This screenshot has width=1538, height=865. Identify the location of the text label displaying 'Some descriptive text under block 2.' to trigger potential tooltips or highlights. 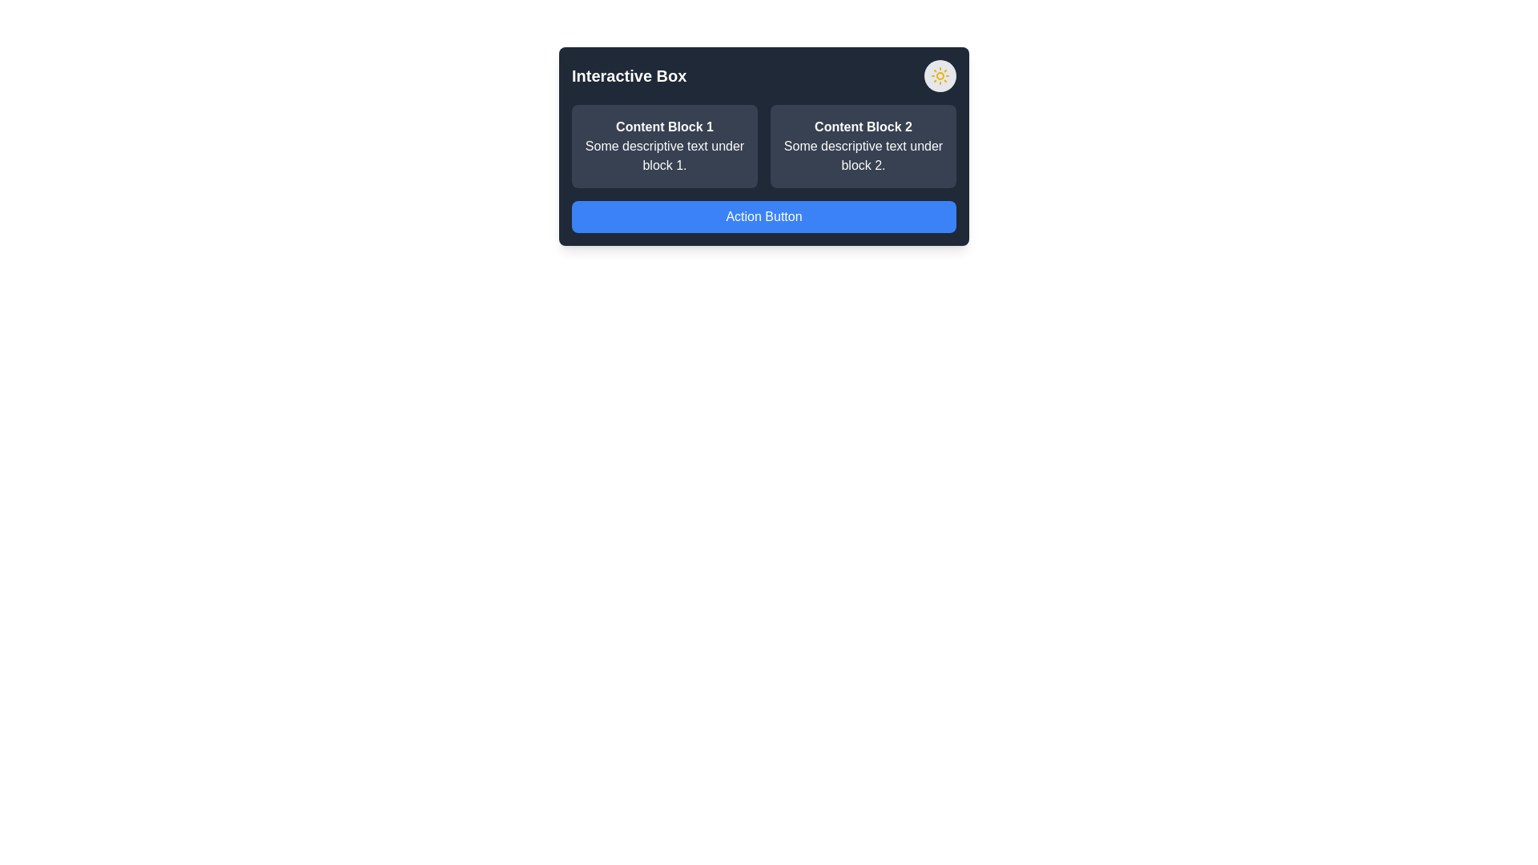
(863, 156).